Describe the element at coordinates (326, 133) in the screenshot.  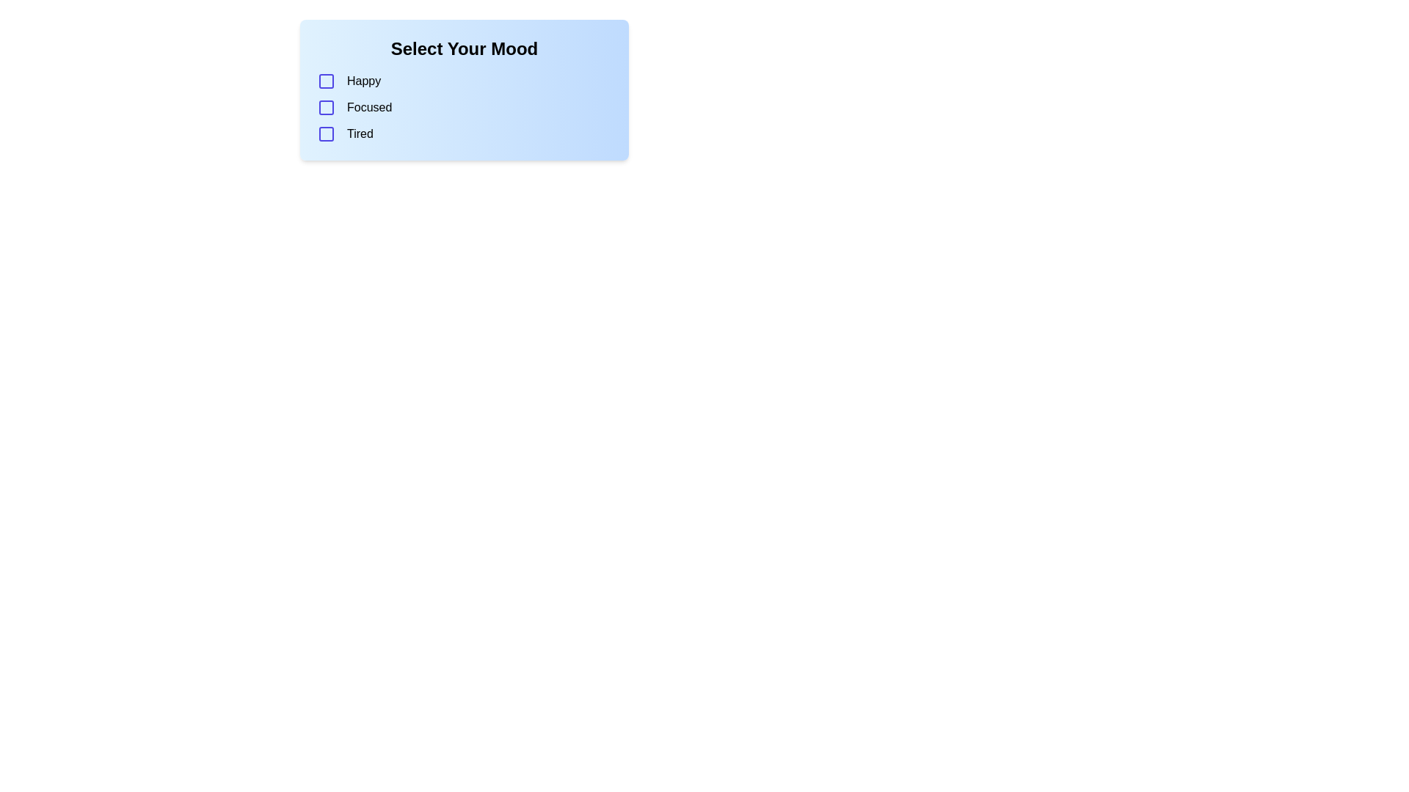
I see `the checkbox for selecting the mood labeled 'Tired', which is the third element in a vertically stacked list of mood indicators` at that location.